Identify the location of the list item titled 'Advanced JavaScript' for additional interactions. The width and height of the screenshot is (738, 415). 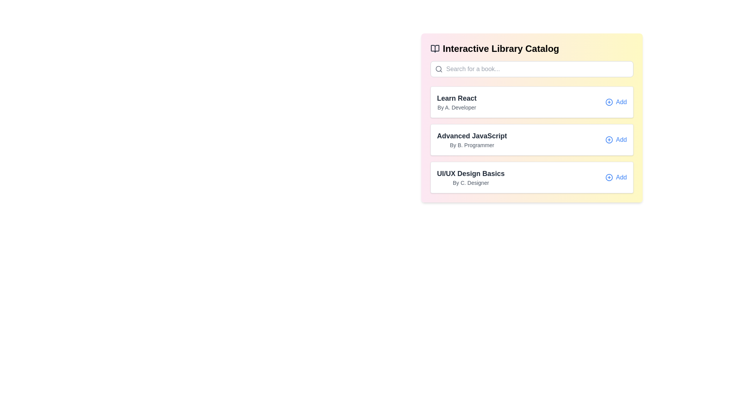
(531, 139).